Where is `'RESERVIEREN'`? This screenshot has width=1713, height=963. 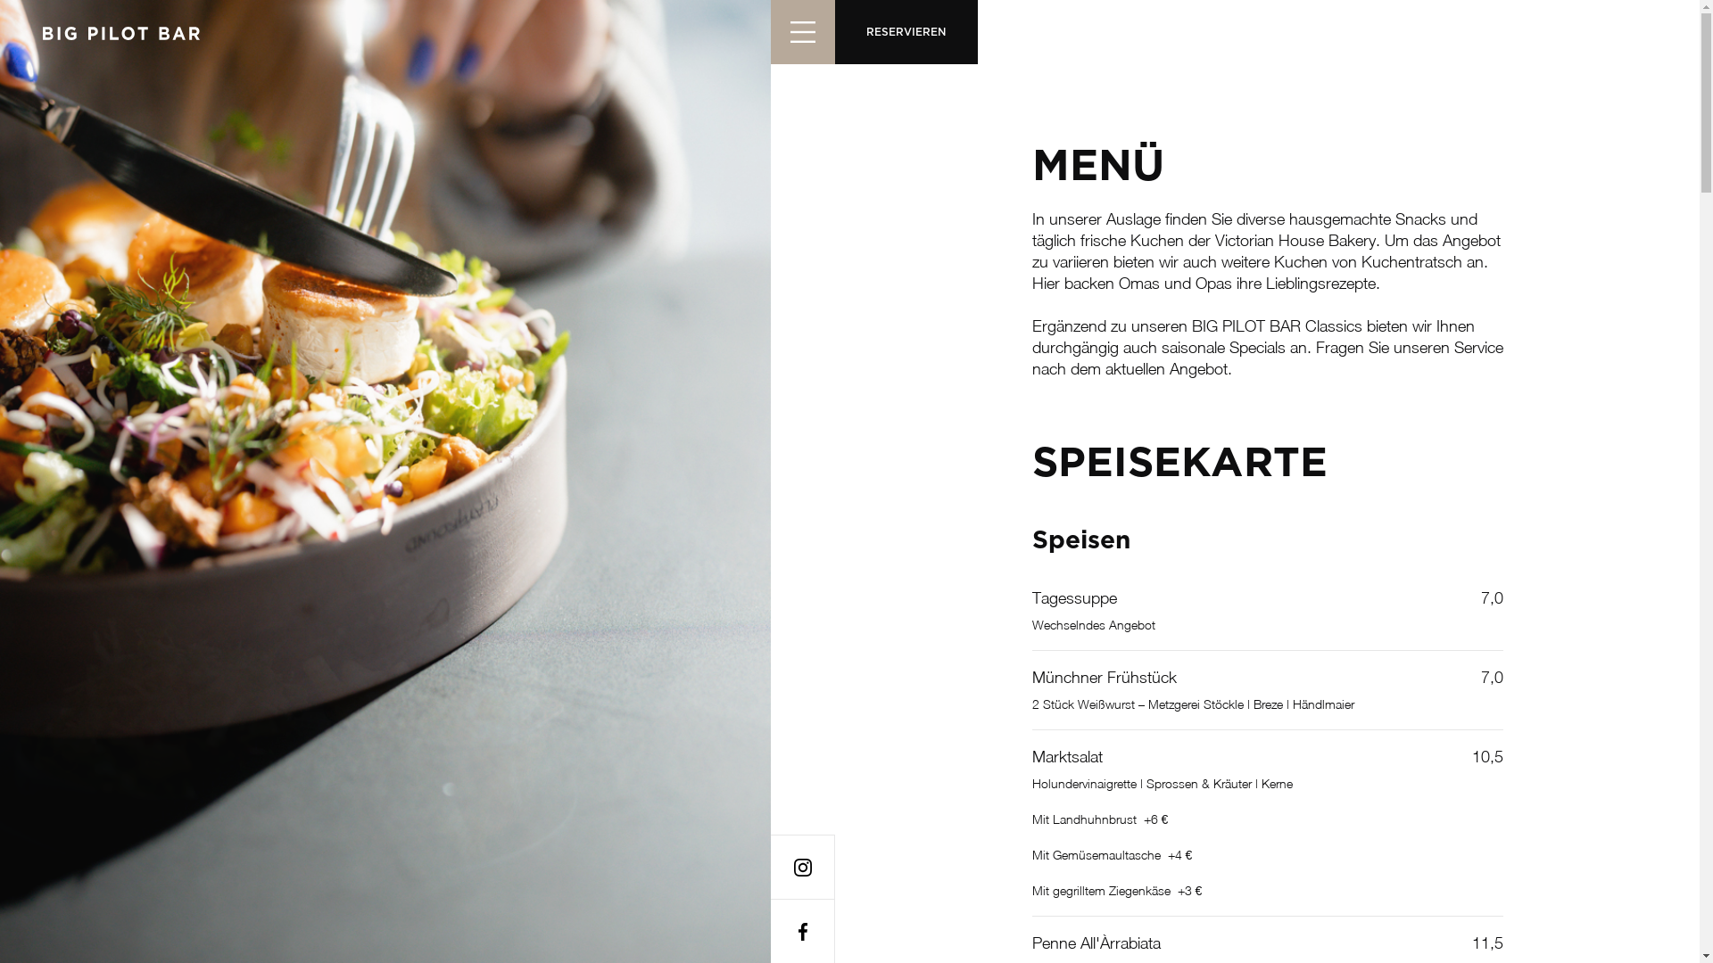 'RESERVIEREN' is located at coordinates (906, 31).